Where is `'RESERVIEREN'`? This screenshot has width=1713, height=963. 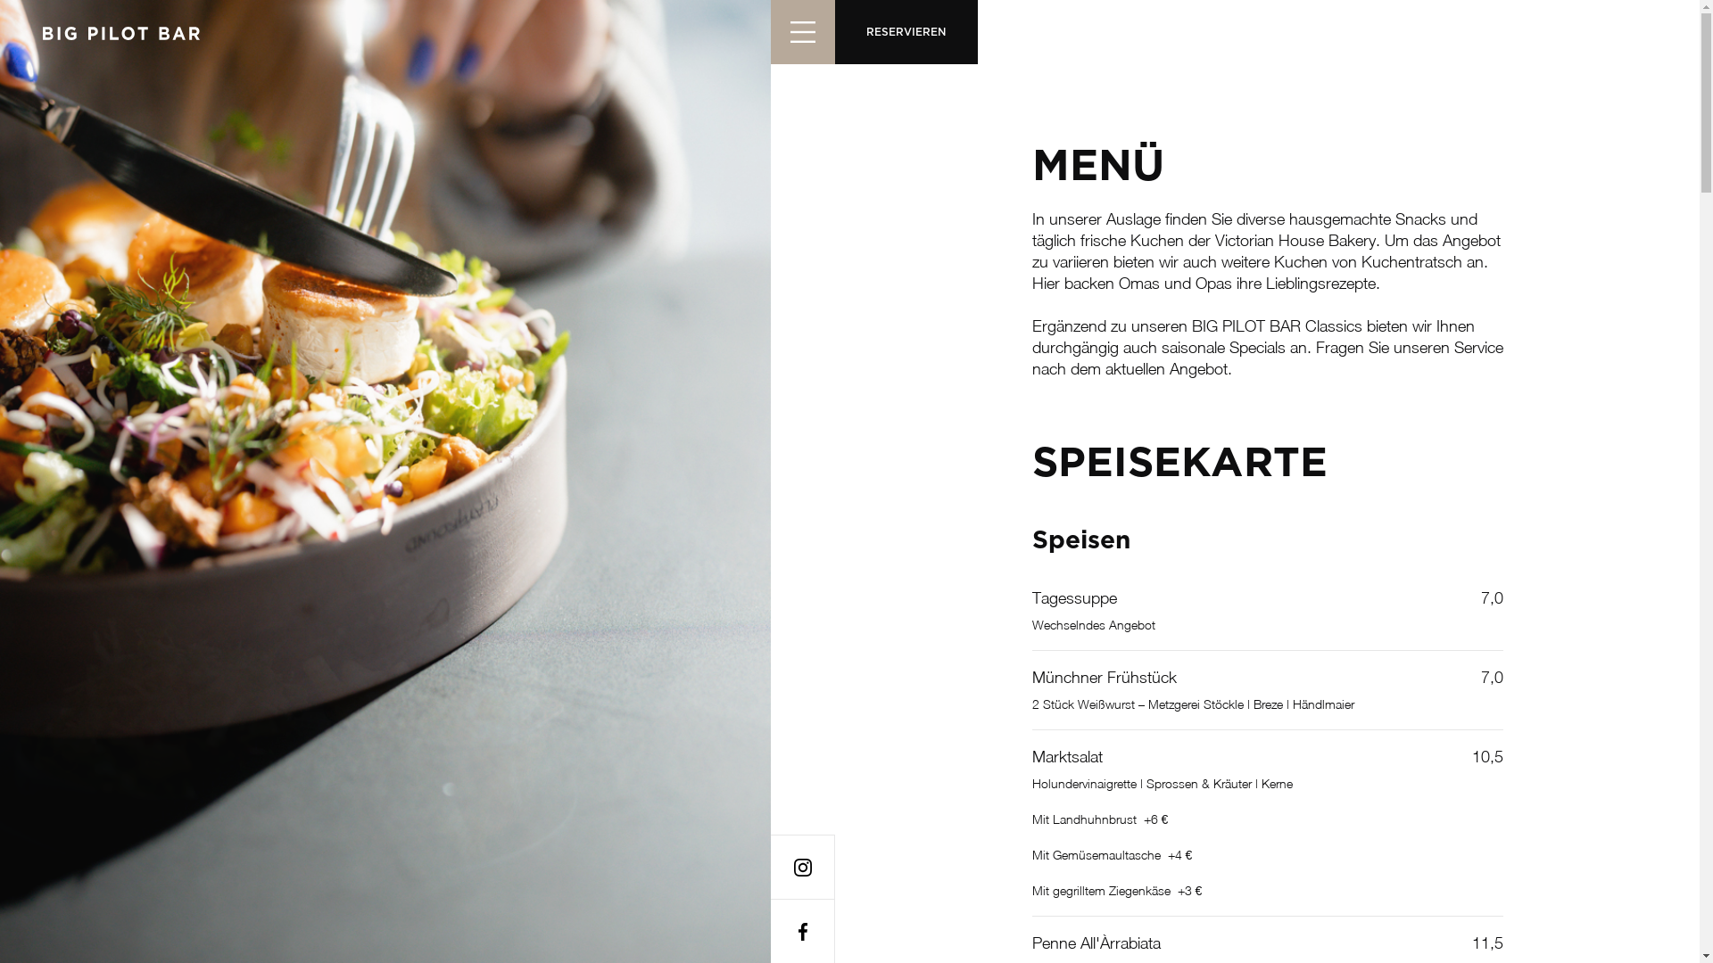 'RESERVIEREN' is located at coordinates (906, 31).